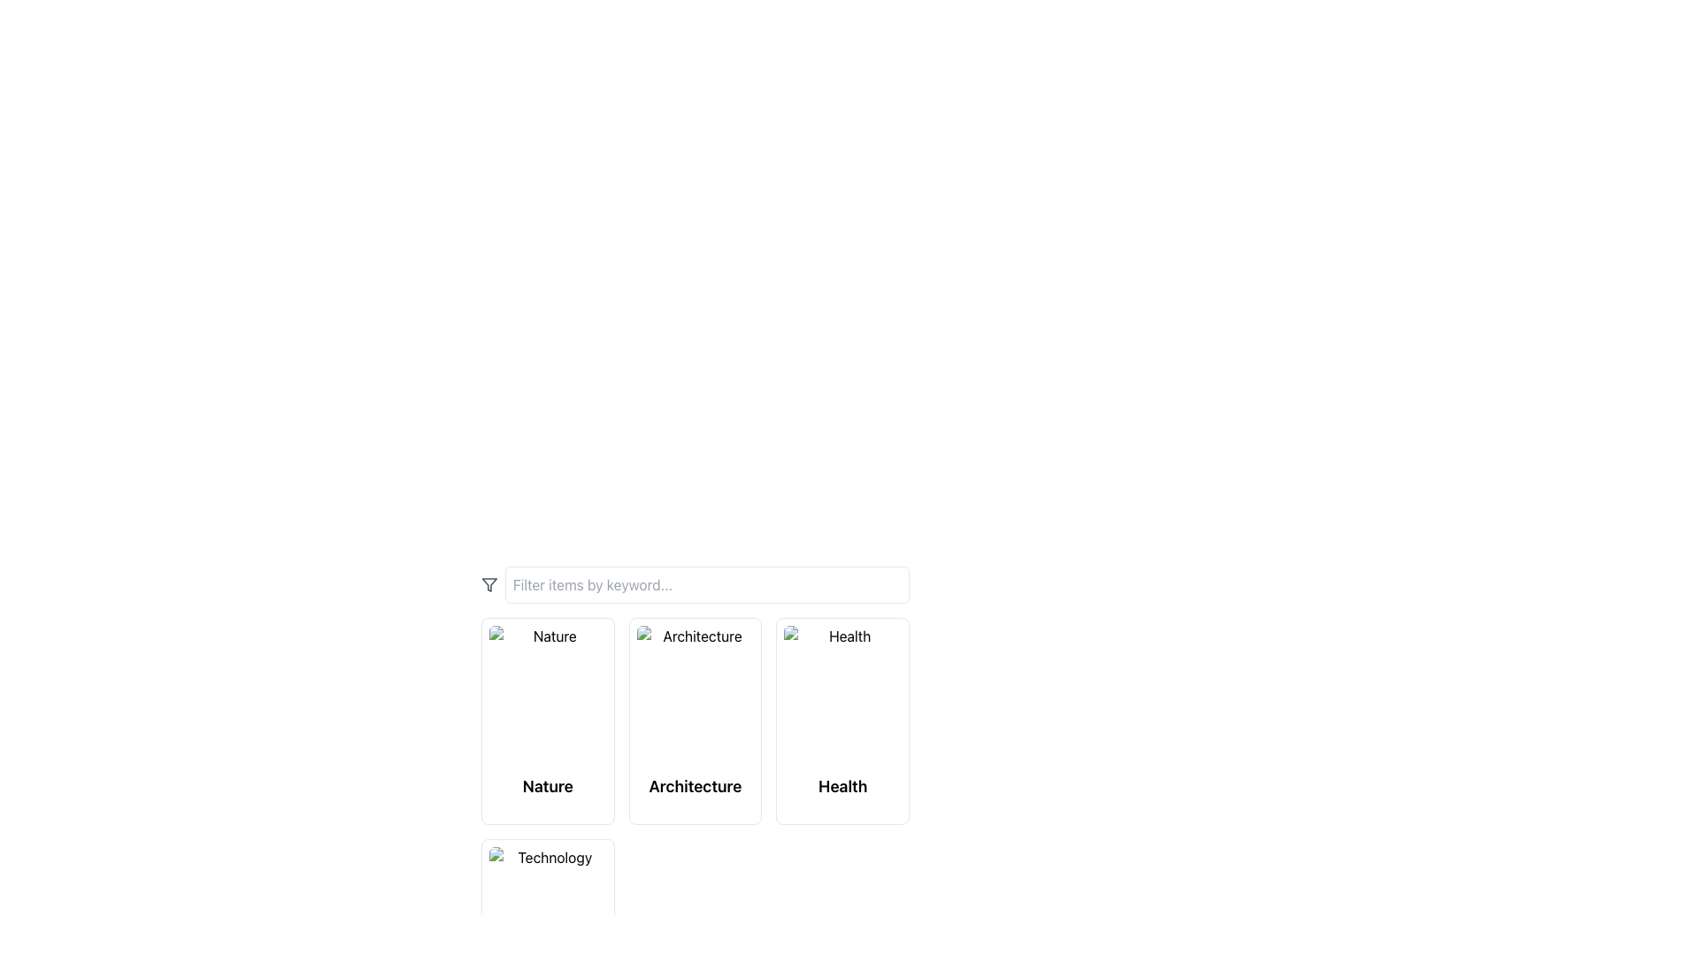 This screenshot has height=956, width=1699. What do you see at coordinates (695, 723) in the screenshot?
I see `the 'Architecture' category card, which is the second card from the left in a grid layout` at bounding box center [695, 723].